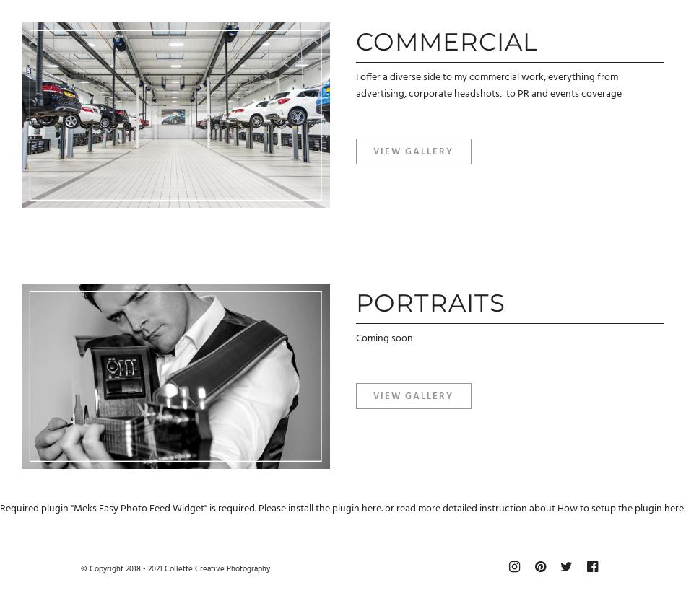 This screenshot has height=606, width=686. I want to click on 'Coming soon', so click(383, 338).